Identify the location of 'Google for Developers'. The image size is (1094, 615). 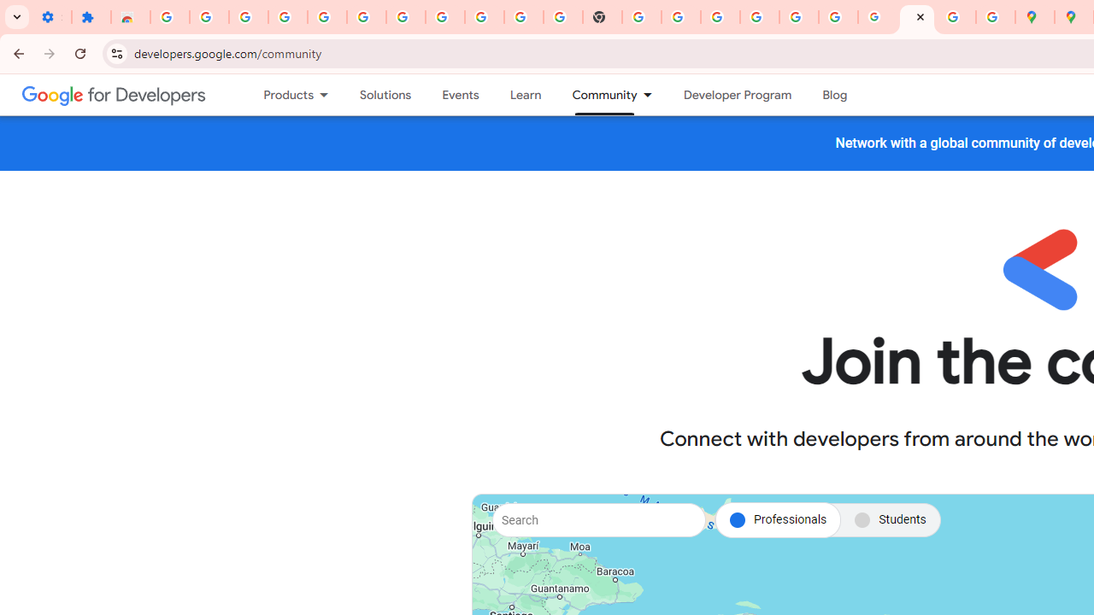
(113, 94).